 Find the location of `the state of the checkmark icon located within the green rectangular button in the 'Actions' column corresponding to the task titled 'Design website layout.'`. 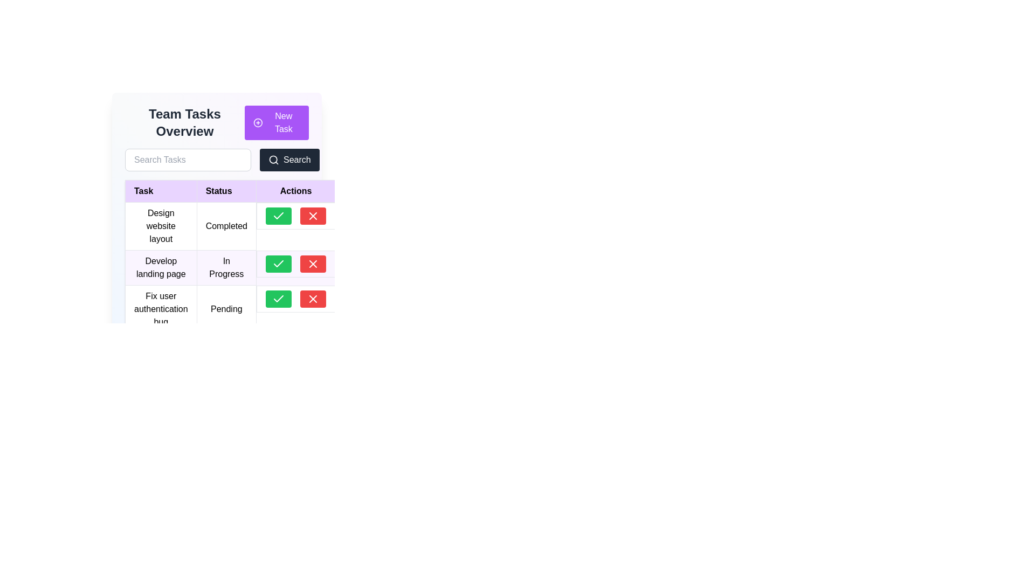

the state of the checkmark icon located within the green rectangular button in the 'Actions' column corresponding to the task titled 'Design website layout.' is located at coordinates (279, 216).